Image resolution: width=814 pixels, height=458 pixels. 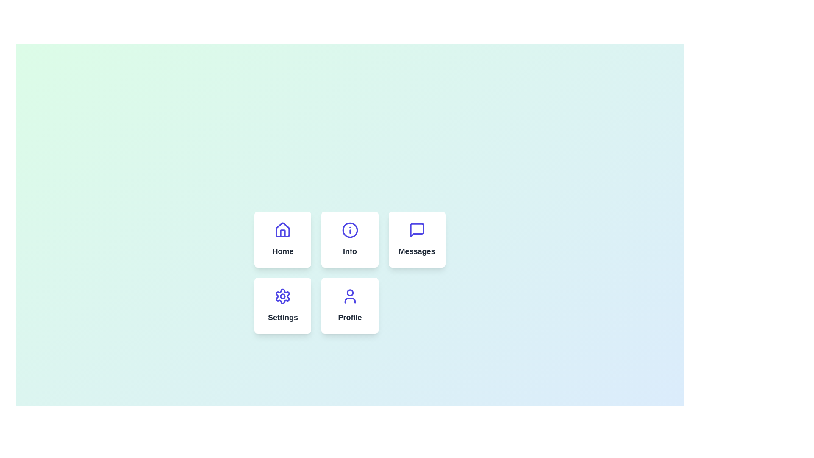 What do you see at coordinates (283, 230) in the screenshot?
I see `the 'Home' icon, which signifies the entry point of the application interface, located in the first grid cell of a 2x3 layout` at bounding box center [283, 230].